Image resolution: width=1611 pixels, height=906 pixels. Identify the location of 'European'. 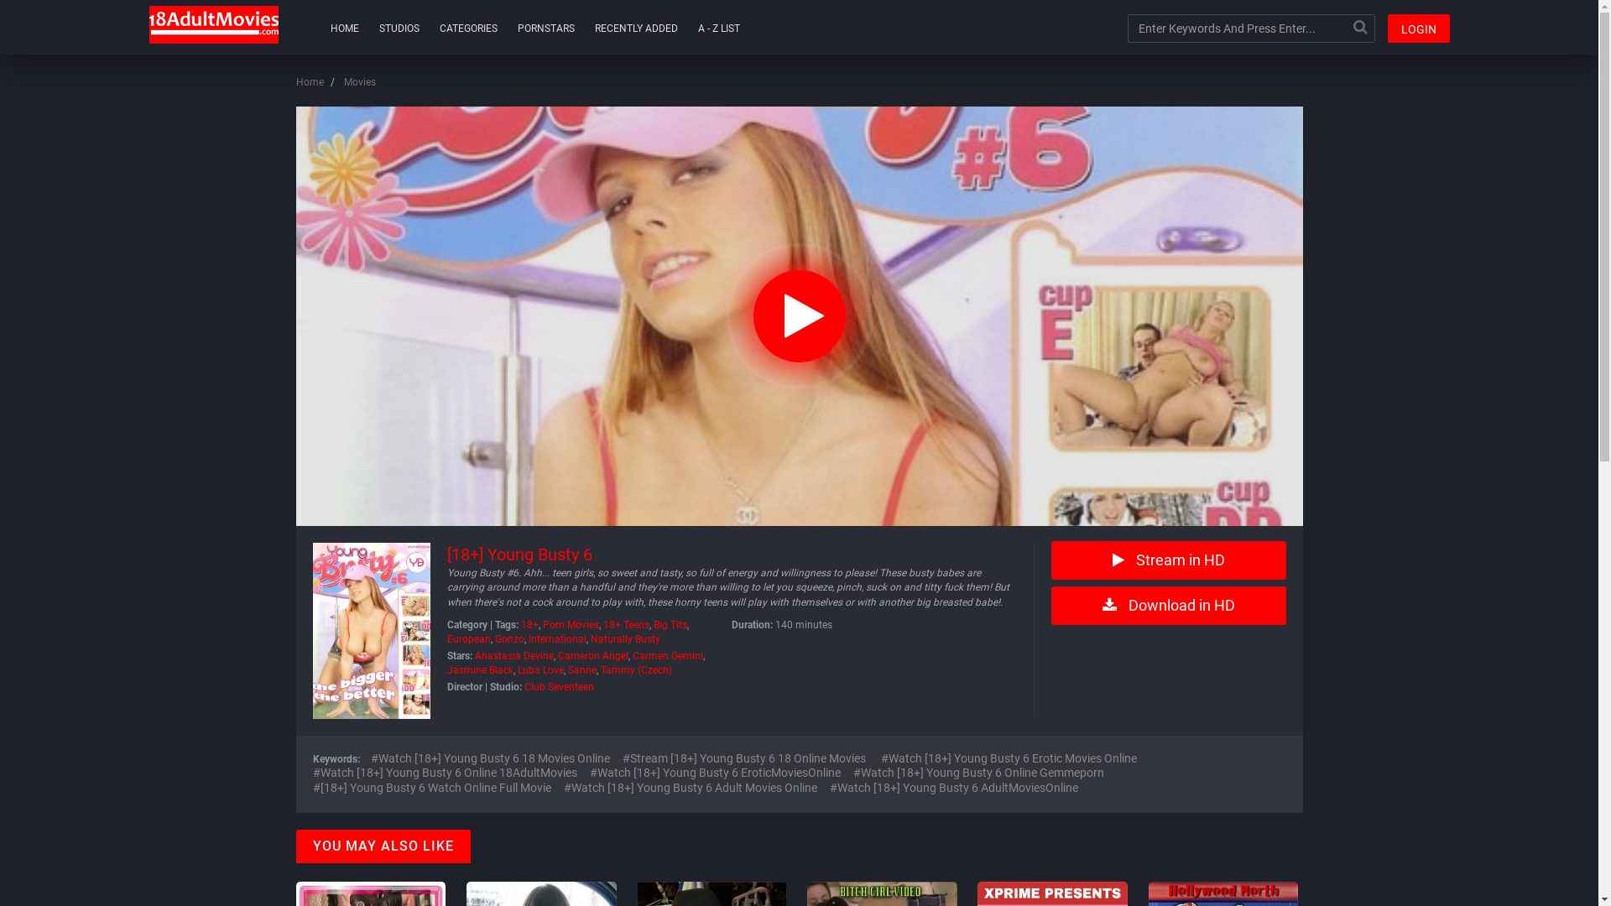
(446, 639).